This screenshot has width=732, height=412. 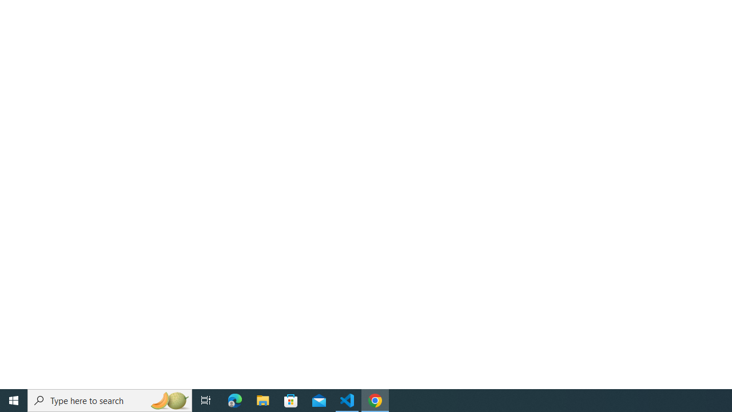 What do you see at coordinates (347, 399) in the screenshot?
I see `'Visual Studio Code - 1 running window'` at bounding box center [347, 399].